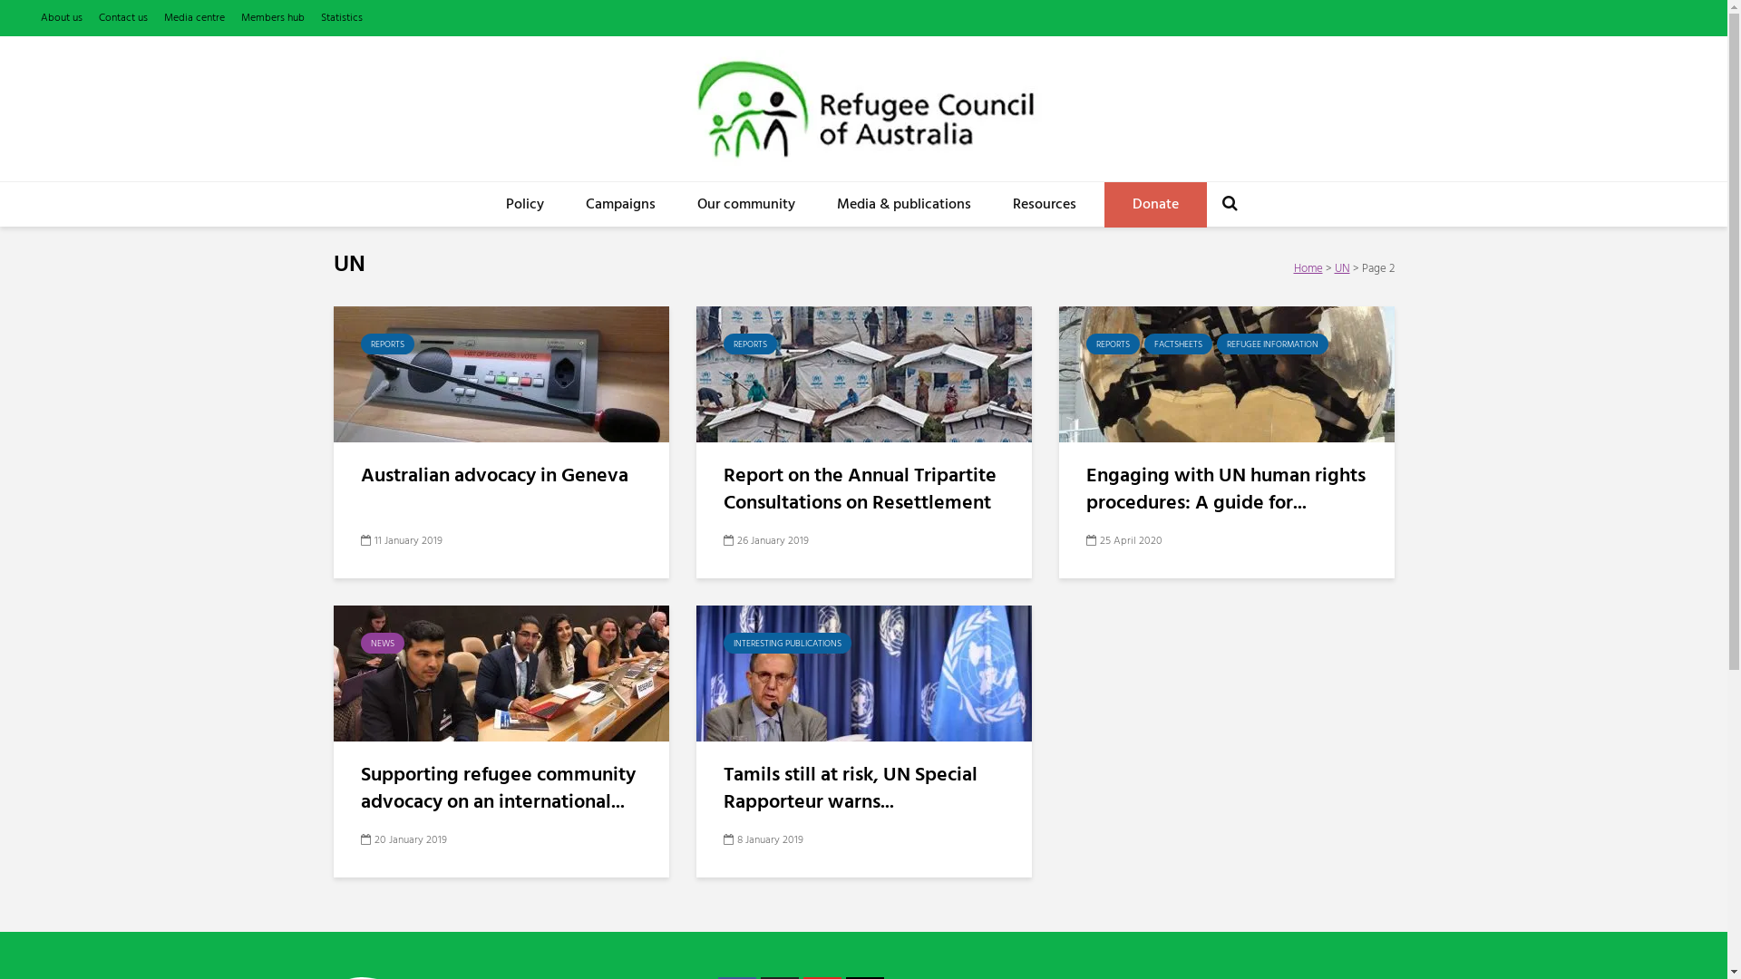  Describe the element at coordinates (524, 204) in the screenshot. I see `'Policy'` at that location.